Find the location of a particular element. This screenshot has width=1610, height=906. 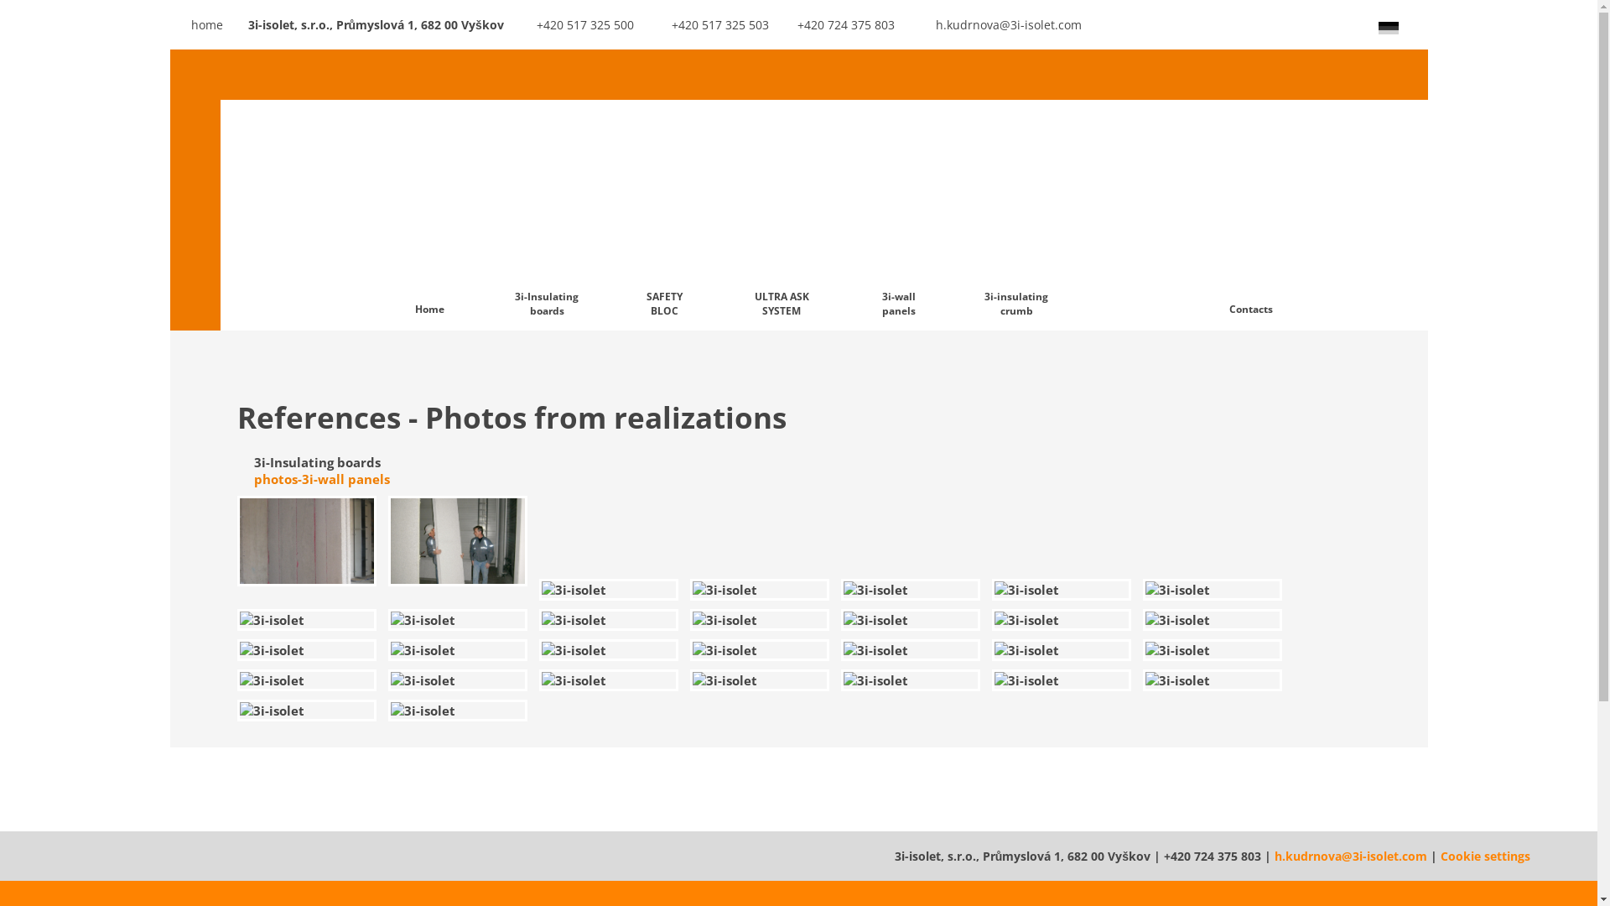

'3i-isolet' is located at coordinates (306, 711).